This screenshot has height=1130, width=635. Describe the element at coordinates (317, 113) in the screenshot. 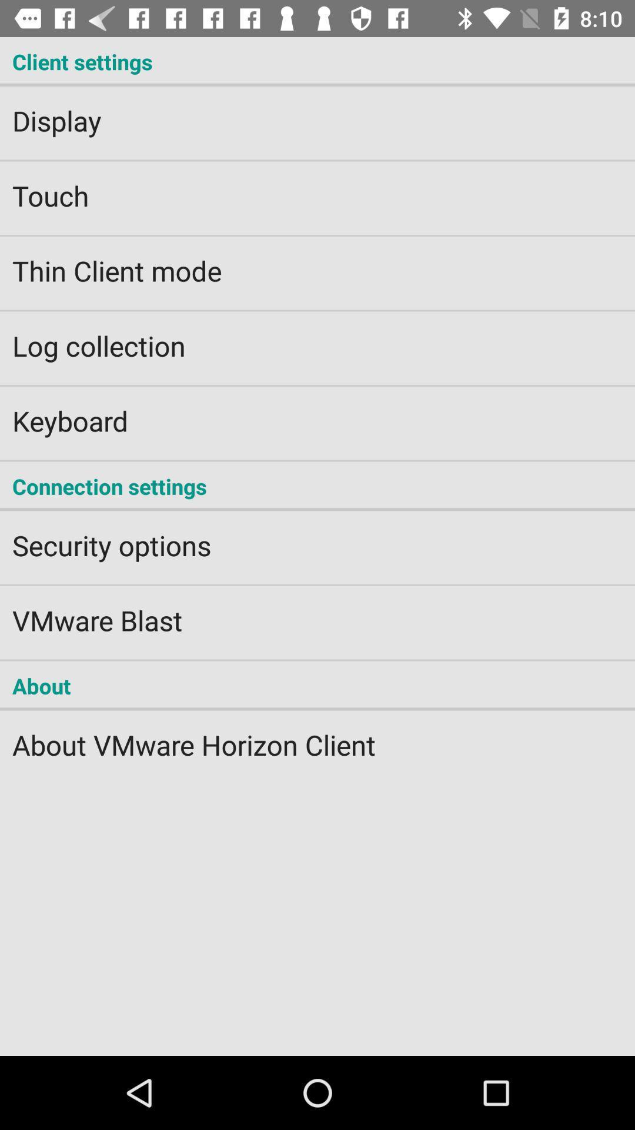

I see `the display icon` at that location.